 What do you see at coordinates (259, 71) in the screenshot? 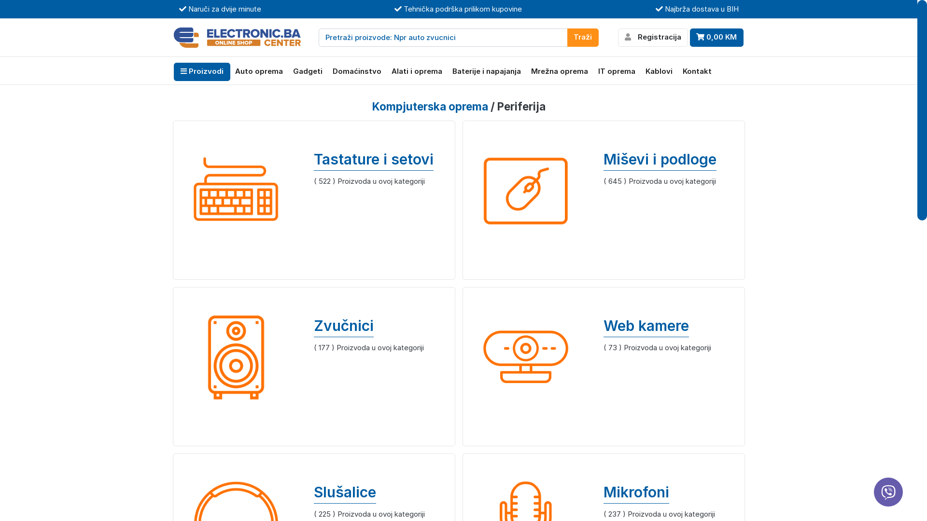
I see `'Auto oprema'` at bounding box center [259, 71].